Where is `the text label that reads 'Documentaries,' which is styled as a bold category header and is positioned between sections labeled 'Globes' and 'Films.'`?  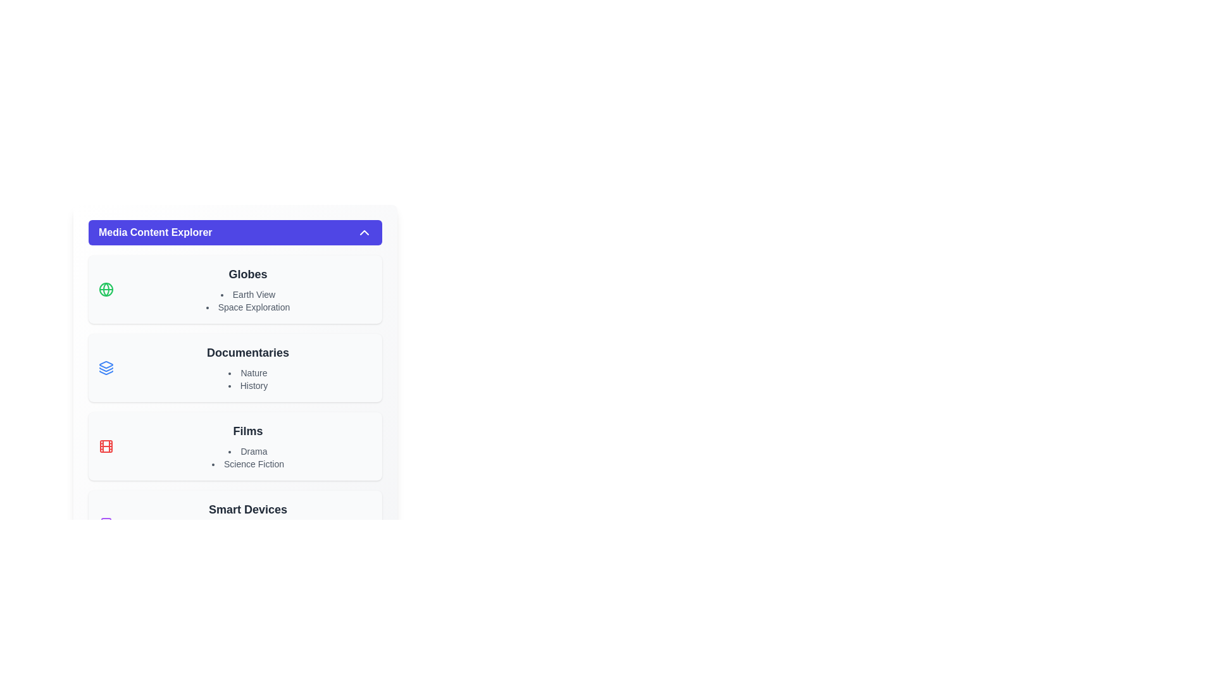
the text label that reads 'Documentaries,' which is styled as a bold category header and is positioned between sections labeled 'Globes' and 'Films.' is located at coordinates (248, 353).